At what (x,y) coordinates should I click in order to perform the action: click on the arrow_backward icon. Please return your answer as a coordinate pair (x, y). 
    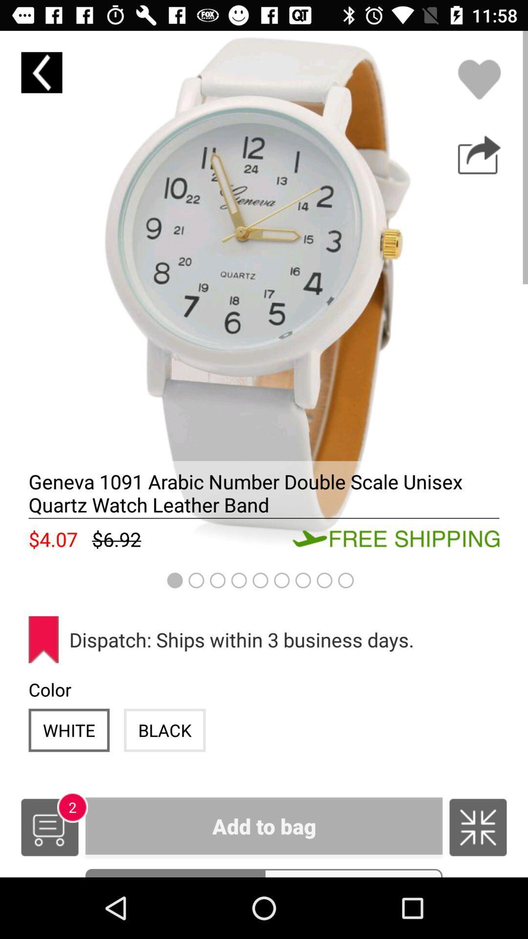
    Looking at the image, I should click on (41, 72).